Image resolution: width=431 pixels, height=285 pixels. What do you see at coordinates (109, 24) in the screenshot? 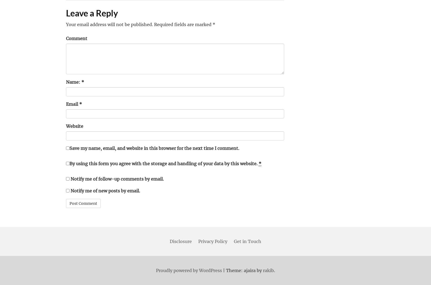
I see `'Your email address will not be published.'` at bounding box center [109, 24].